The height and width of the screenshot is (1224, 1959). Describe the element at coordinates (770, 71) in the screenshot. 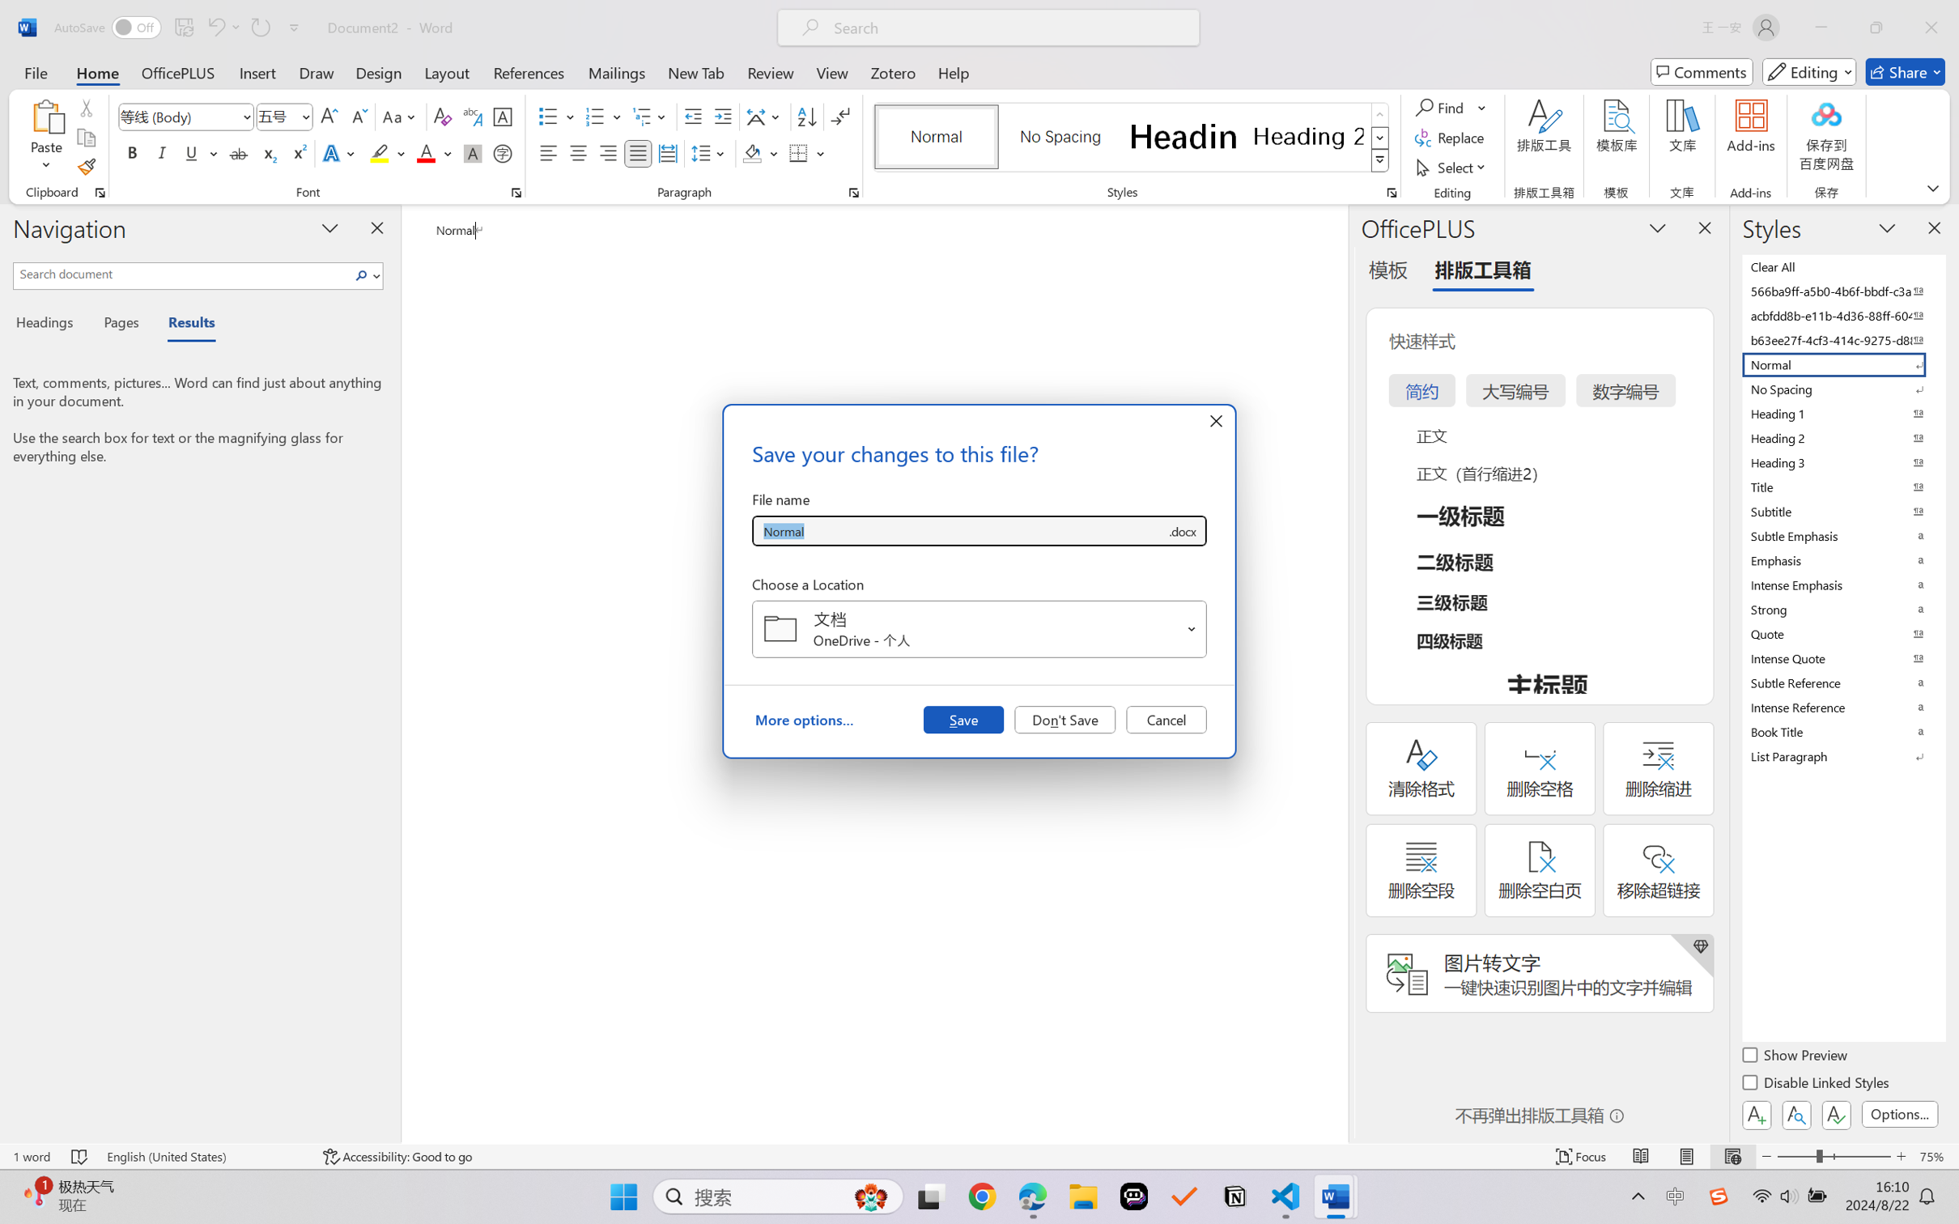

I see `'Review'` at that location.